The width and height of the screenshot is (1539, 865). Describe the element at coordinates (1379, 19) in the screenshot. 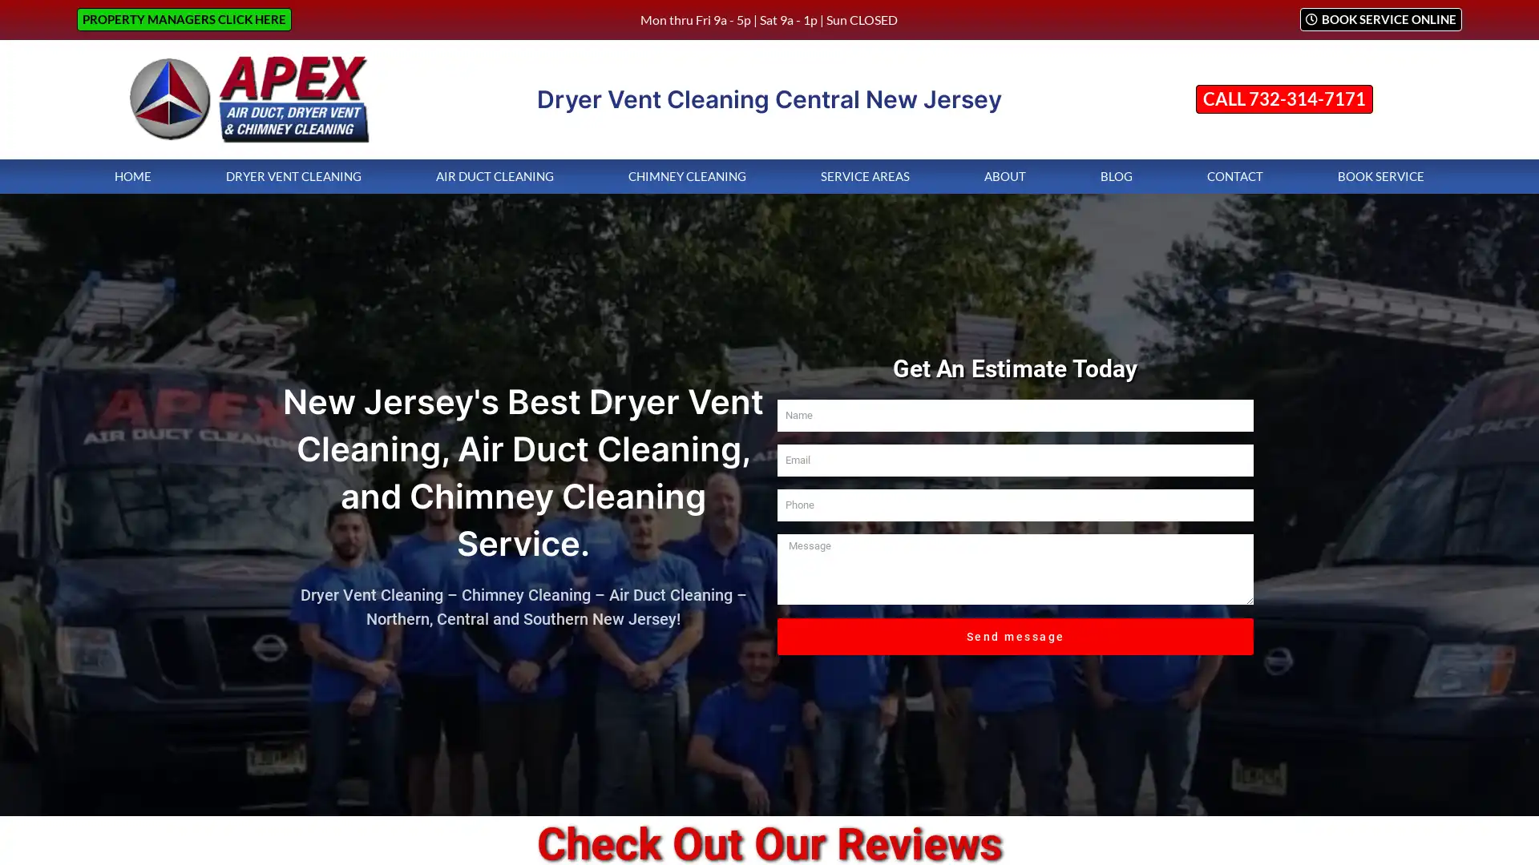

I see `BOOK SERVICE ONLINE` at that location.